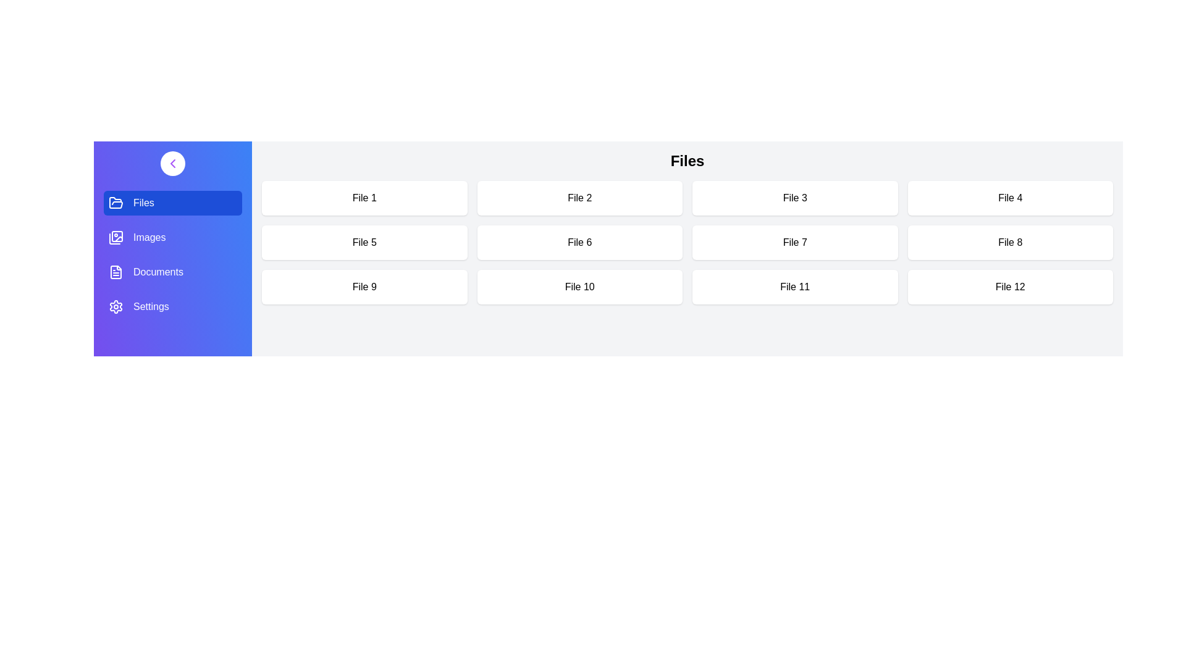  Describe the element at coordinates (172, 306) in the screenshot. I see `the category Settings from the sidebar menu` at that location.